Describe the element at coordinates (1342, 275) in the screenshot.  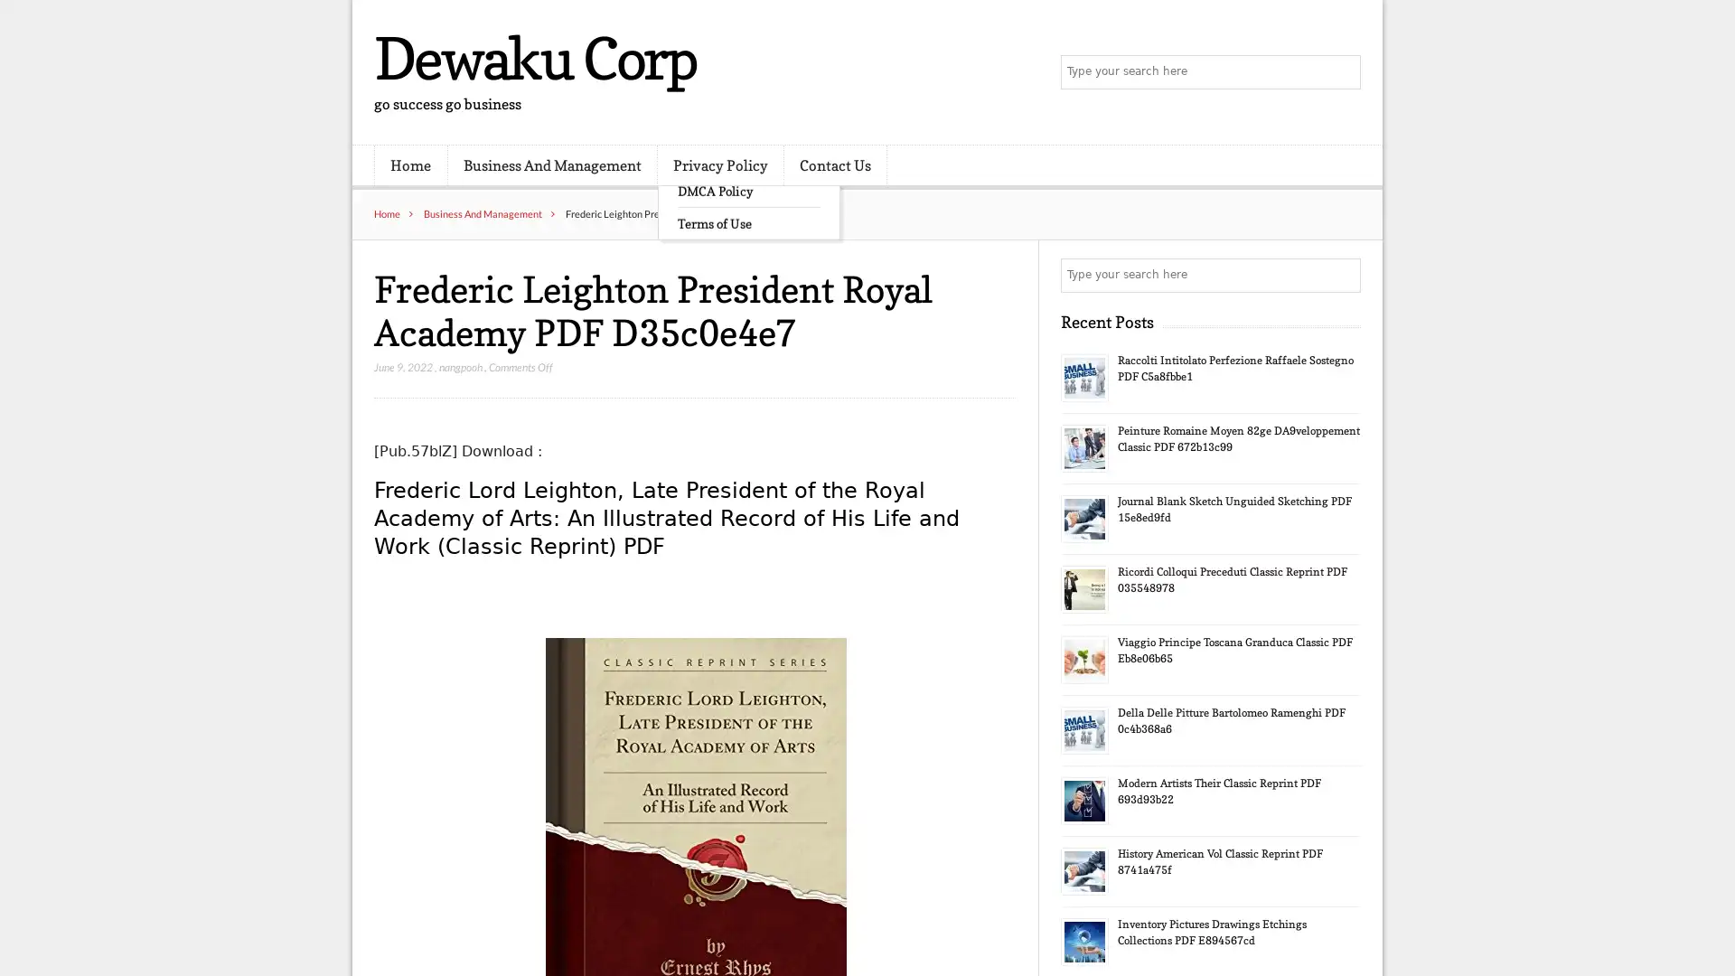
I see `Search` at that location.